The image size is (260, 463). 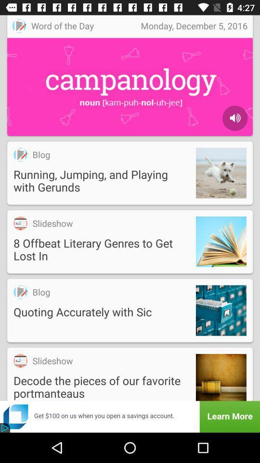 What do you see at coordinates (234, 118) in the screenshot?
I see `sound option` at bounding box center [234, 118].